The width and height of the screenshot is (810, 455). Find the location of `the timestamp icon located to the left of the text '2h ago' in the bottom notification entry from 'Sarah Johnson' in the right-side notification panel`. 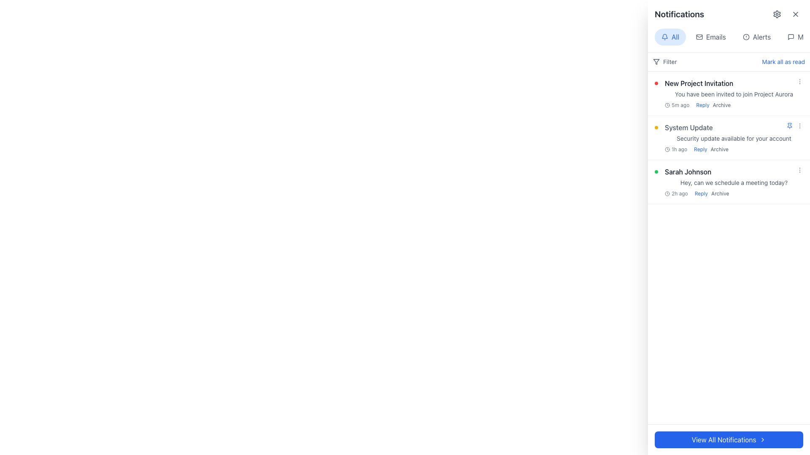

the timestamp icon located to the left of the text '2h ago' in the bottom notification entry from 'Sarah Johnson' in the right-side notification panel is located at coordinates (667, 193).